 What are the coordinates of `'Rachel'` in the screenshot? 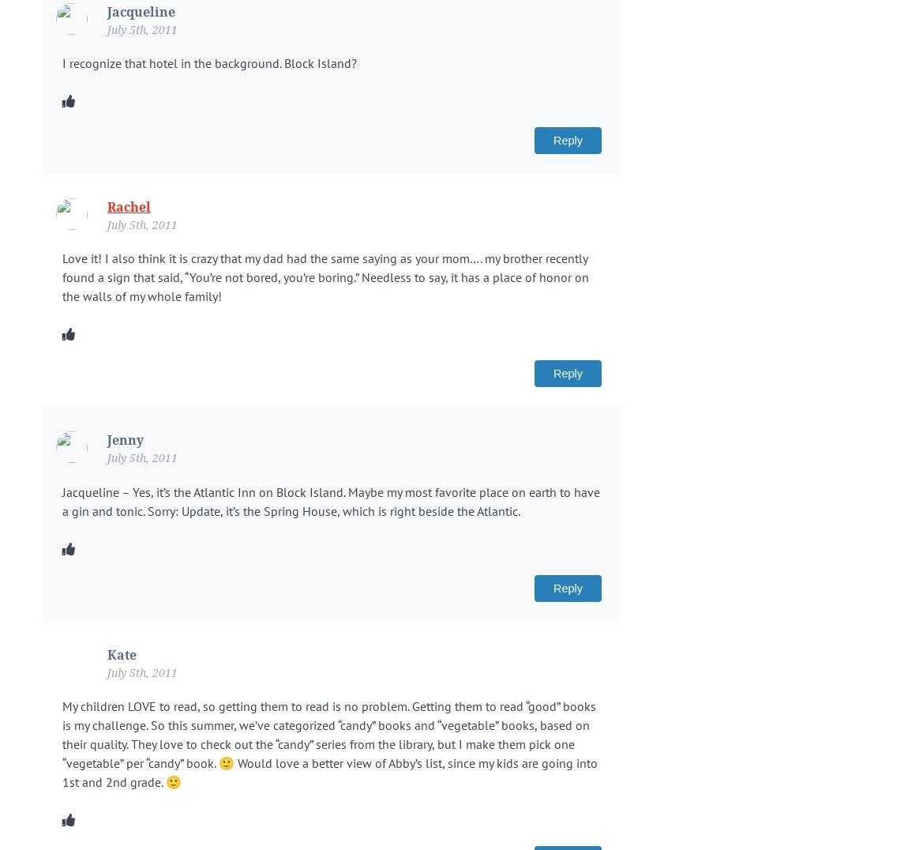 It's located at (128, 207).